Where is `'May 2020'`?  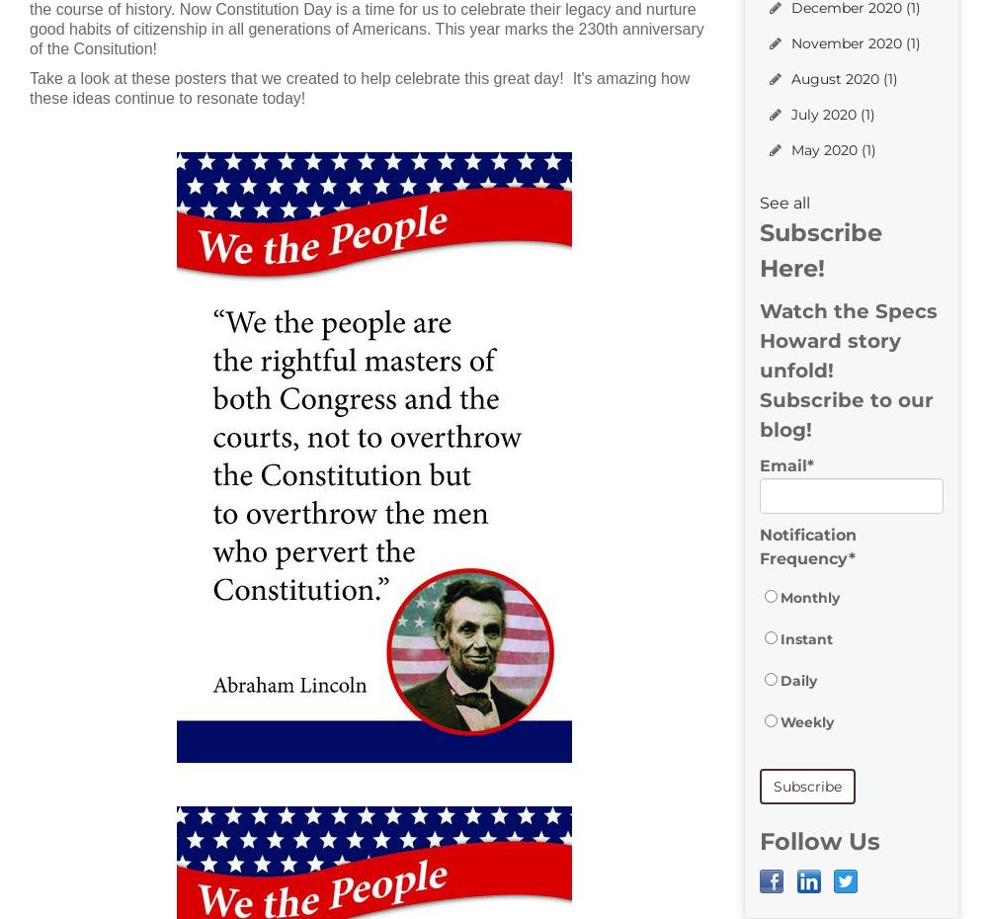 'May 2020' is located at coordinates (791, 149).